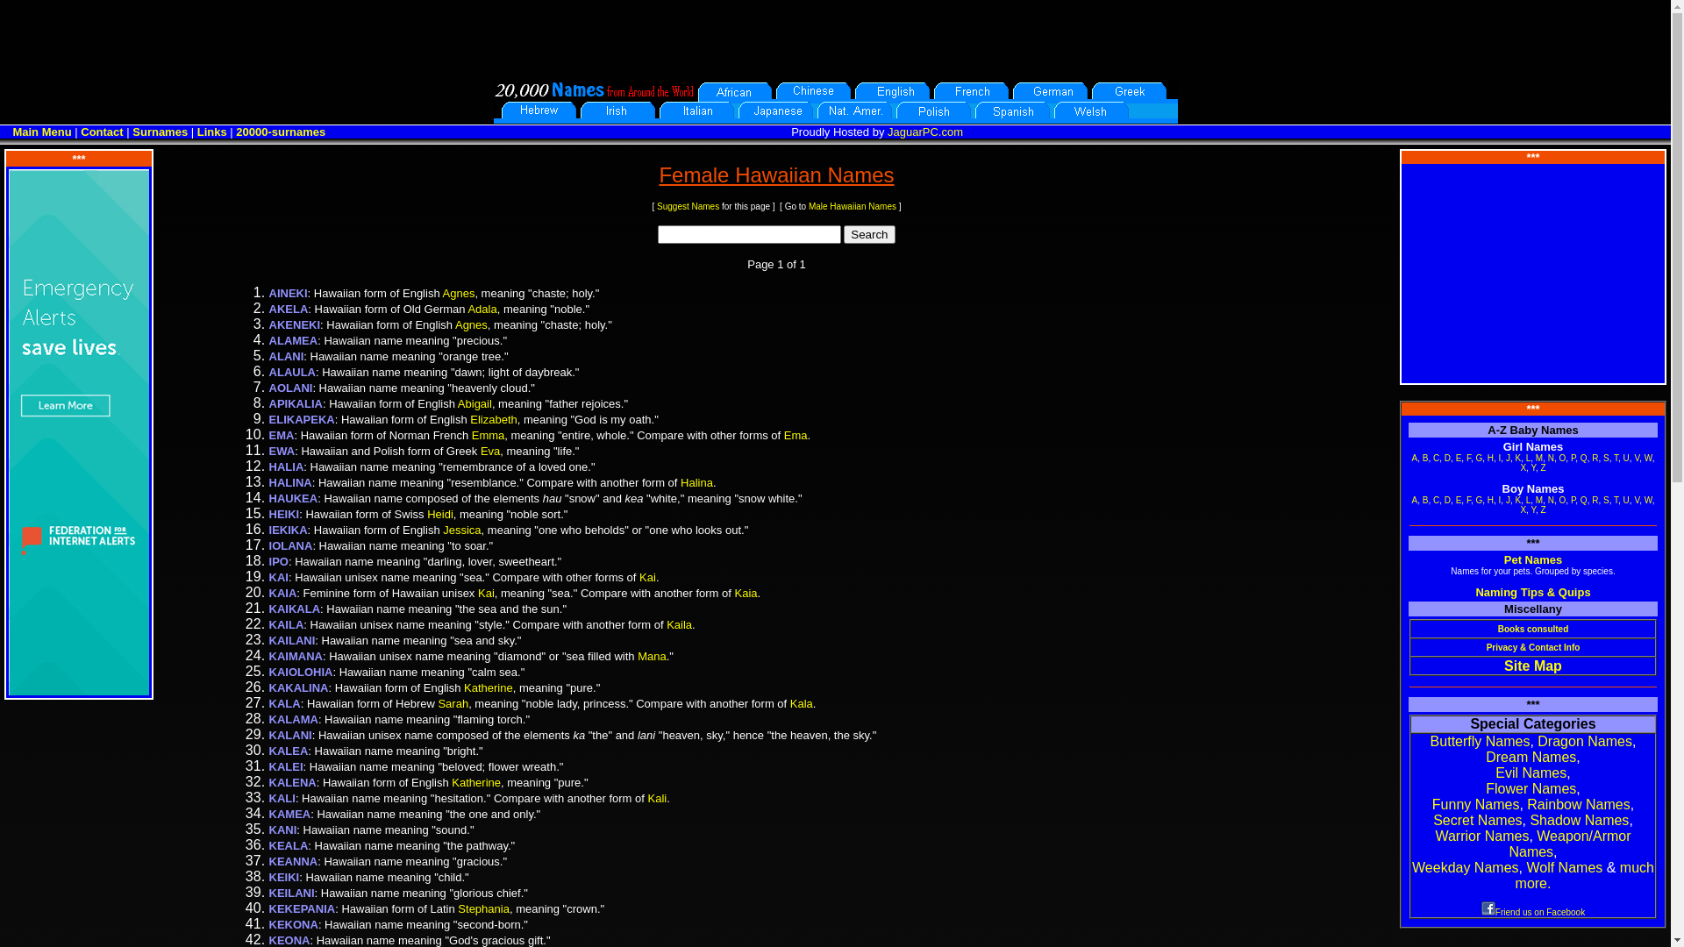  Describe the element at coordinates (795, 434) in the screenshot. I see `'Ema'` at that location.